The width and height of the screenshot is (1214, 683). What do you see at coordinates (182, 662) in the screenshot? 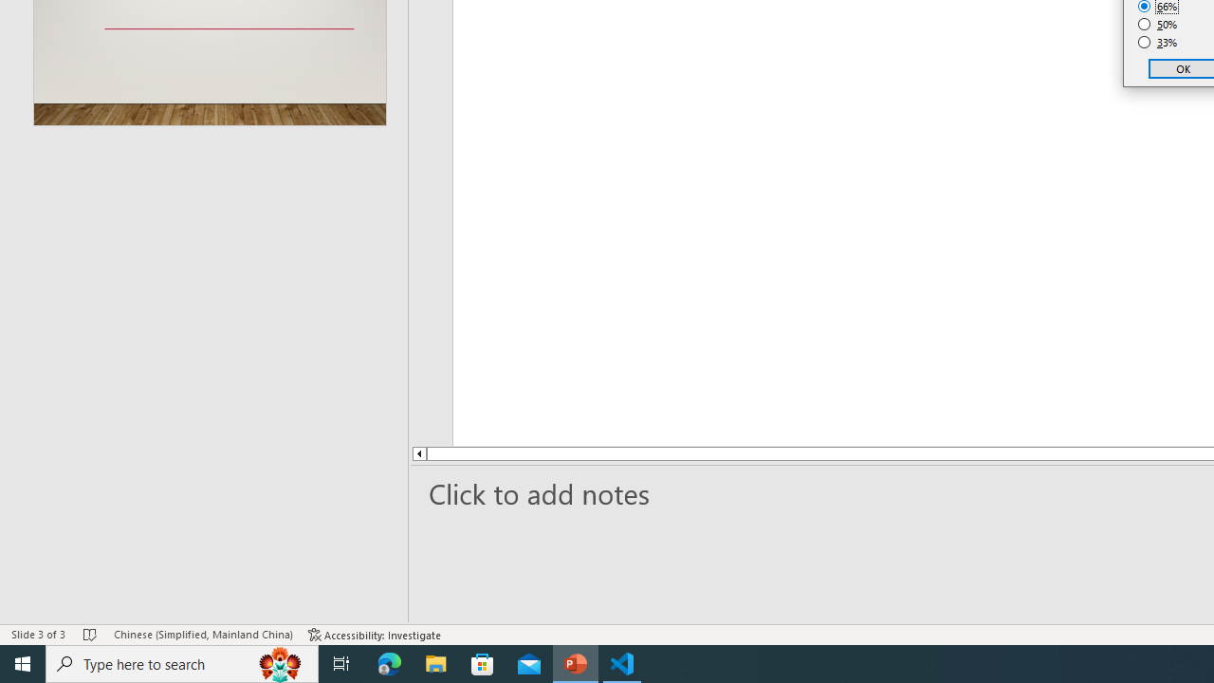
I see `'Type here to search'` at bounding box center [182, 662].